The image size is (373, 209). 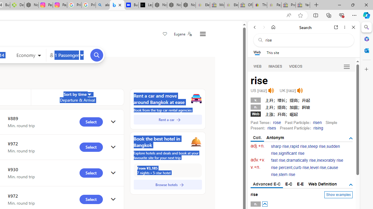 I want to click on 'Save', so click(x=164, y=34).